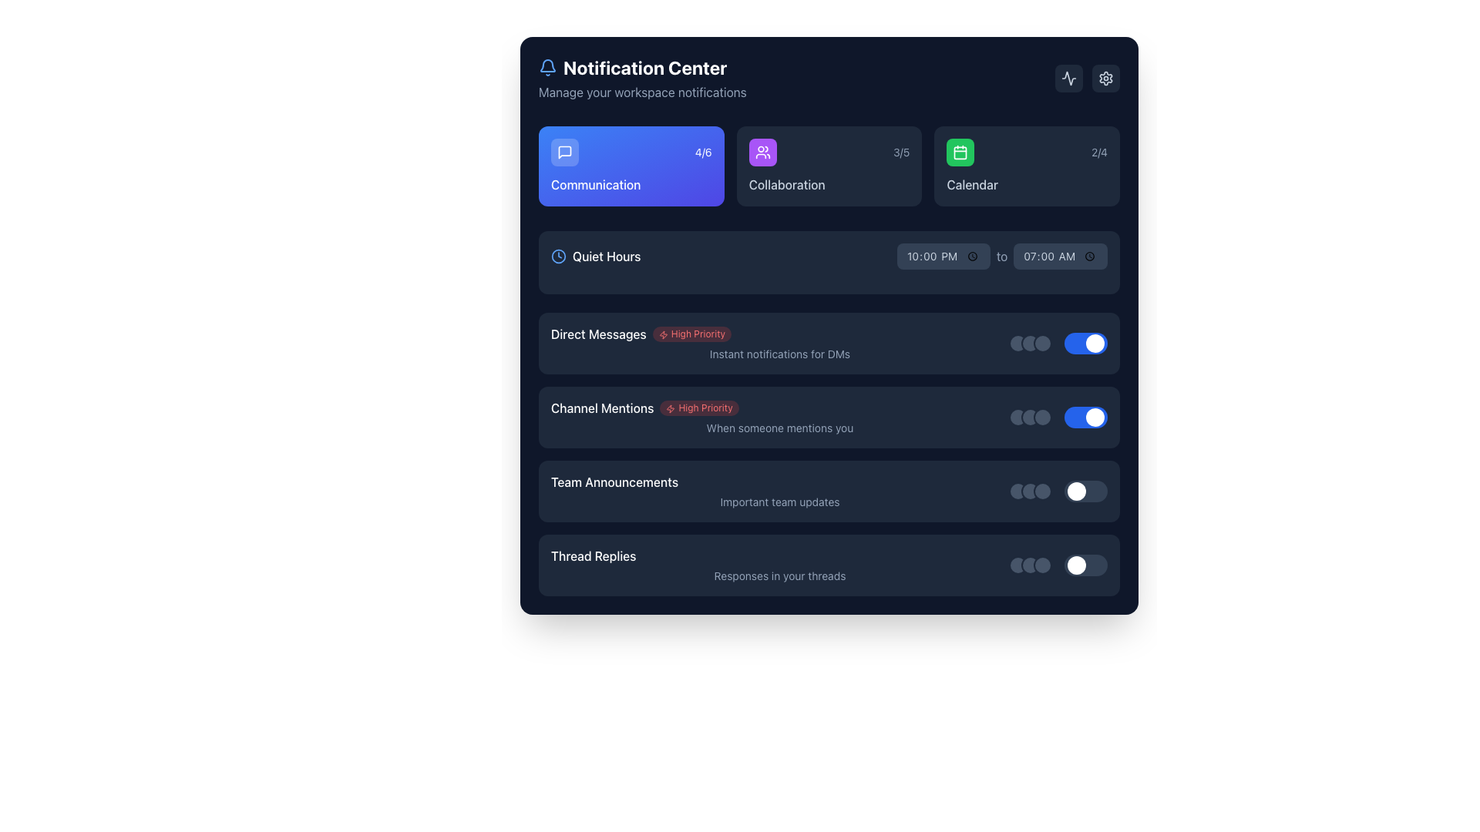  Describe the element at coordinates (828, 454) in the screenshot. I see `the notification toggle for 'Channel Mentions' in the second row of the notification preferences list` at that location.